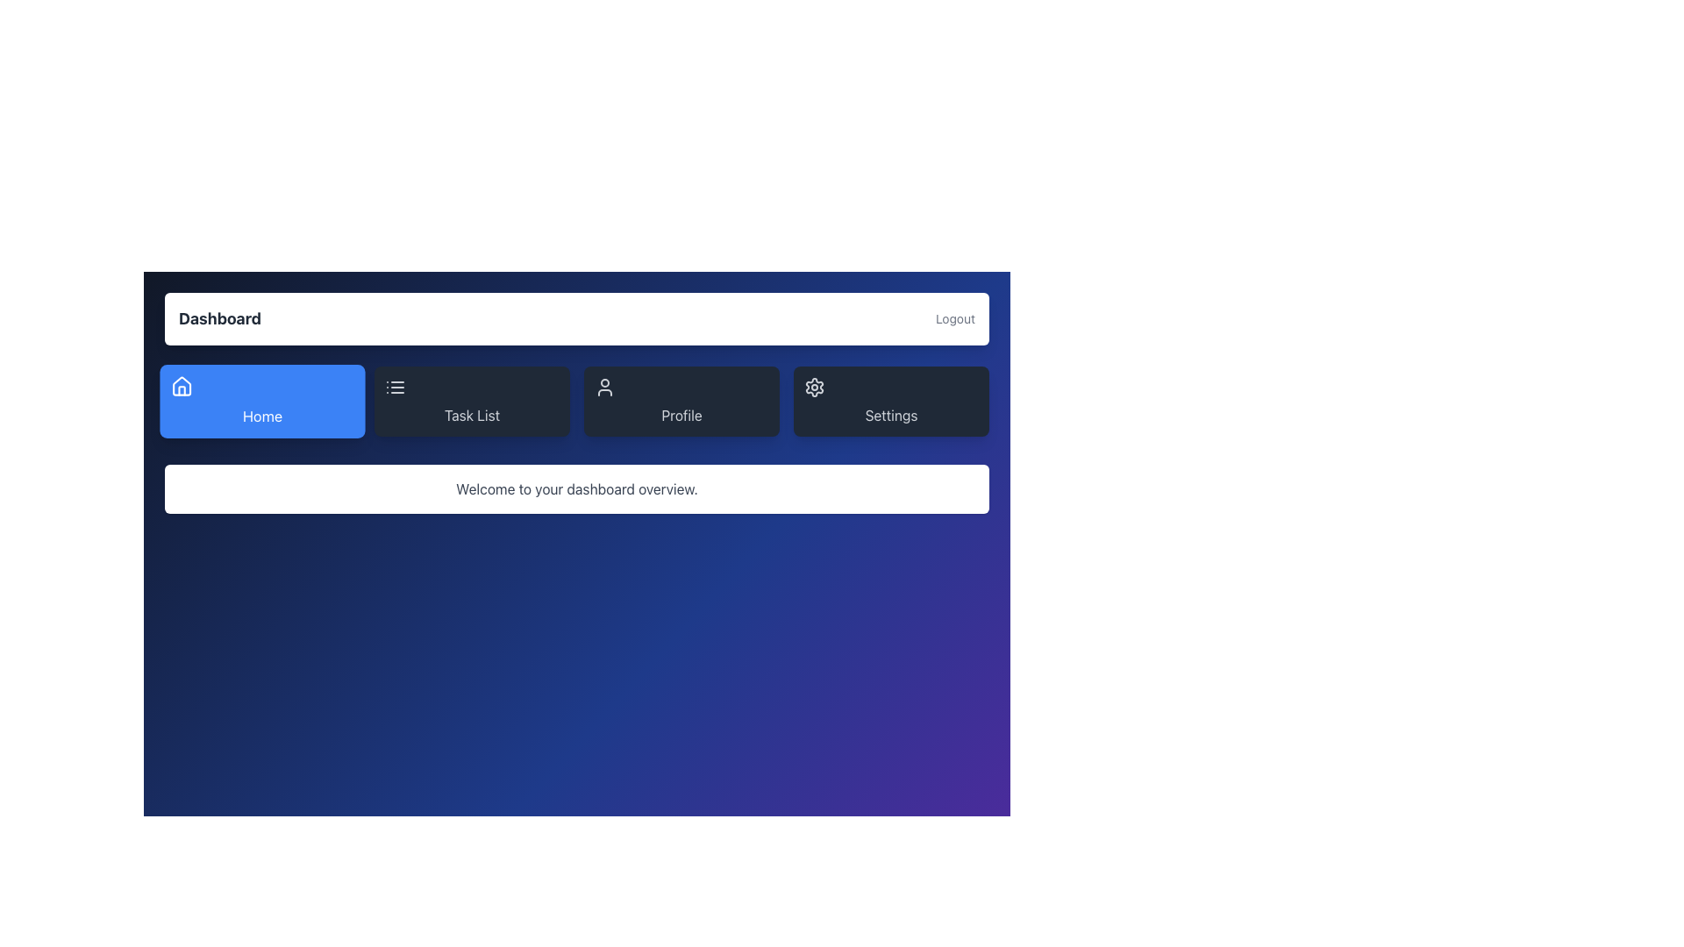 This screenshot has width=1684, height=947. What do you see at coordinates (472, 402) in the screenshot?
I see `the 'Task List' button, which is the second item in a horizontal row of interactive items` at bounding box center [472, 402].